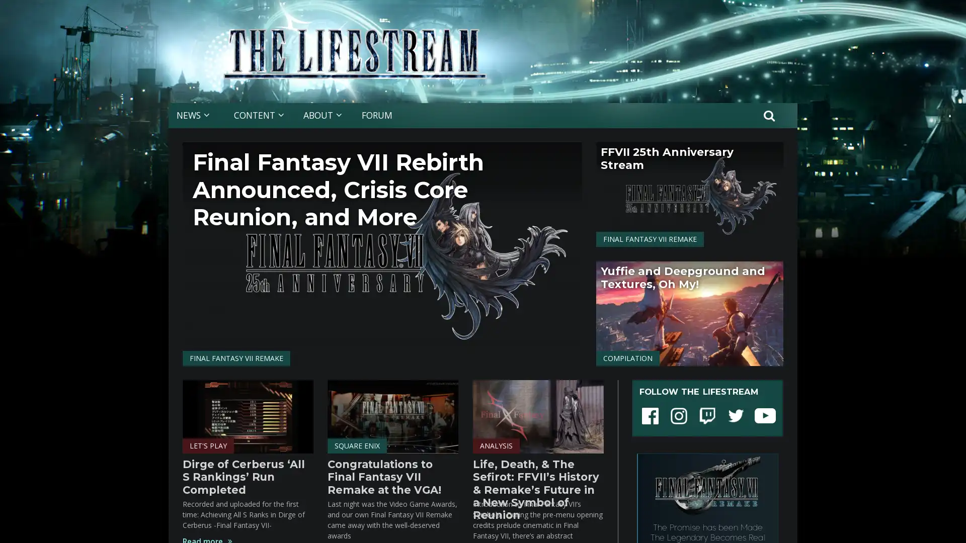  Describe the element at coordinates (768, 115) in the screenshot. I see `Search` at that location.